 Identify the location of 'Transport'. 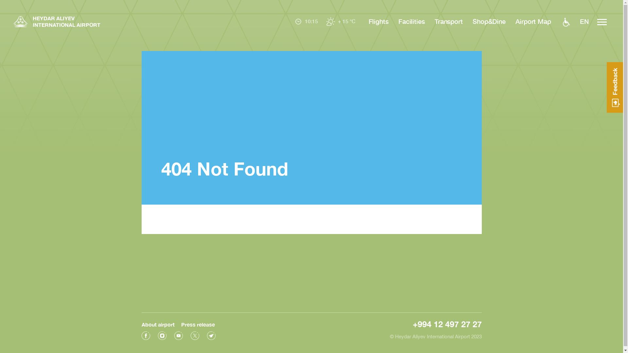
(448, 21).